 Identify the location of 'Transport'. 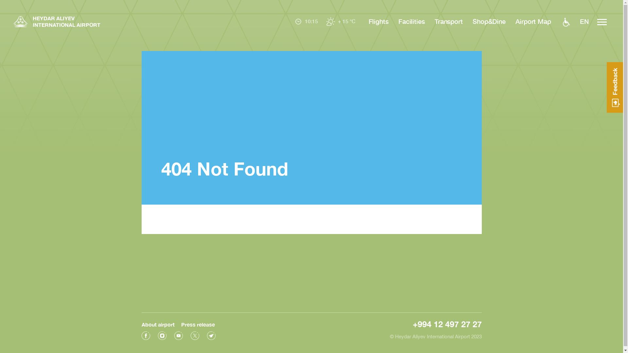
(448, 21).